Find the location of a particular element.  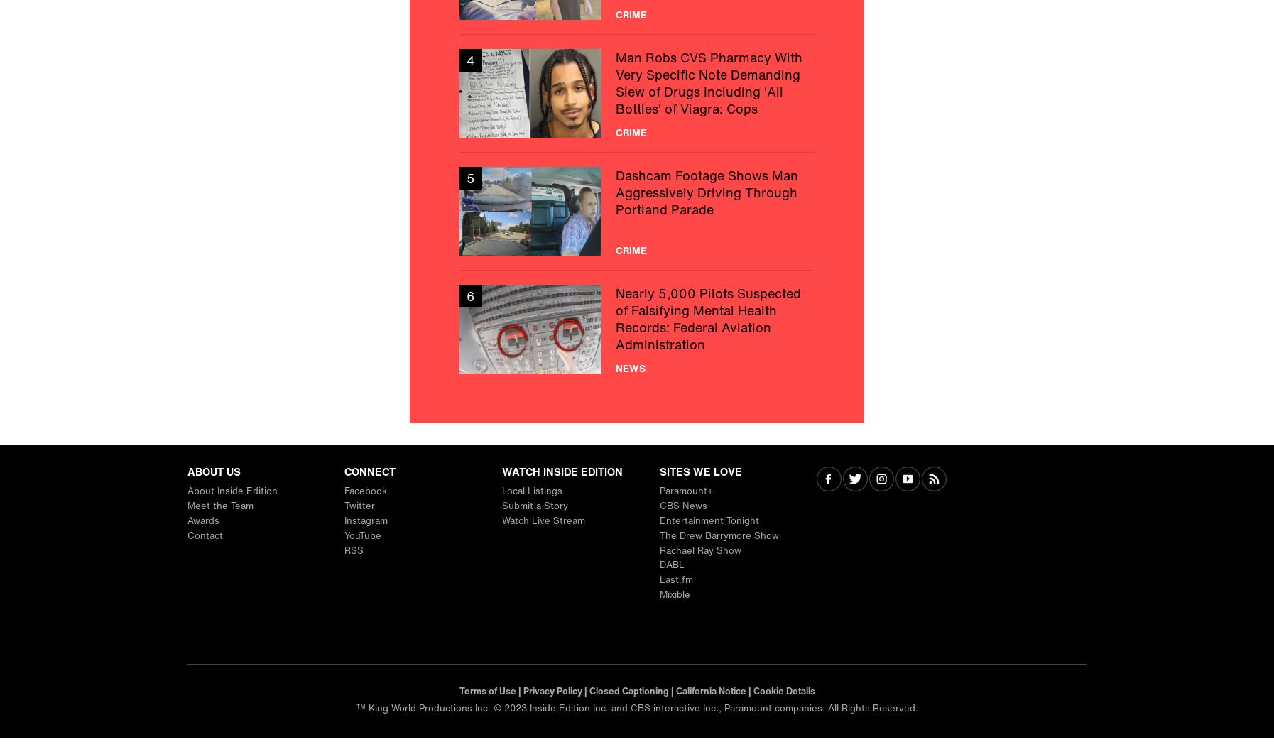

'Man Robs CVS Pharmacy With Very Specific Note Demanding Slew of Drugs Including 'All Bottles' of Viagra: Cops' is located at coordinates (708, 82).